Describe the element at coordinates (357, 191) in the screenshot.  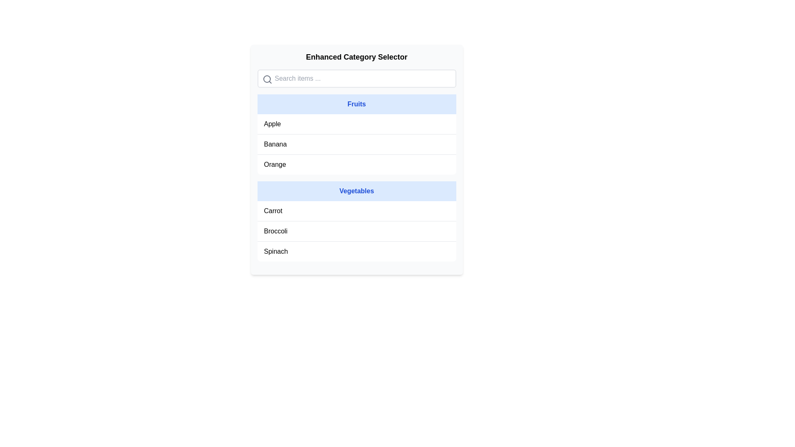
I see `the Category header or label that groups associated items in a rounded box, positioned above the list of items such as 'Carrot', 'Broccoli', and 'Spinach'` at that location.